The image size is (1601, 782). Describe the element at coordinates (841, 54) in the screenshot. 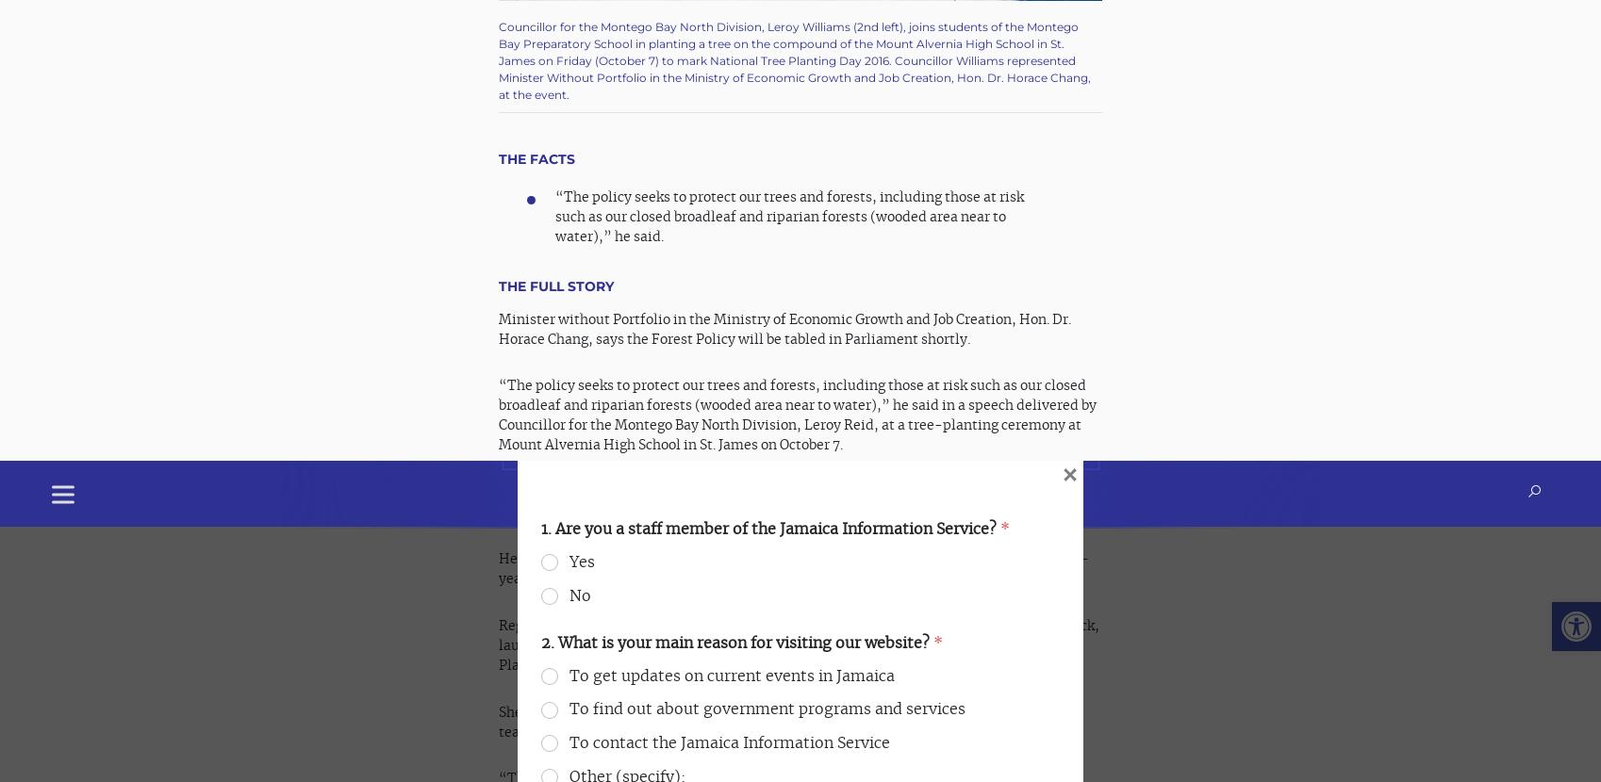

I see `','` at that location.